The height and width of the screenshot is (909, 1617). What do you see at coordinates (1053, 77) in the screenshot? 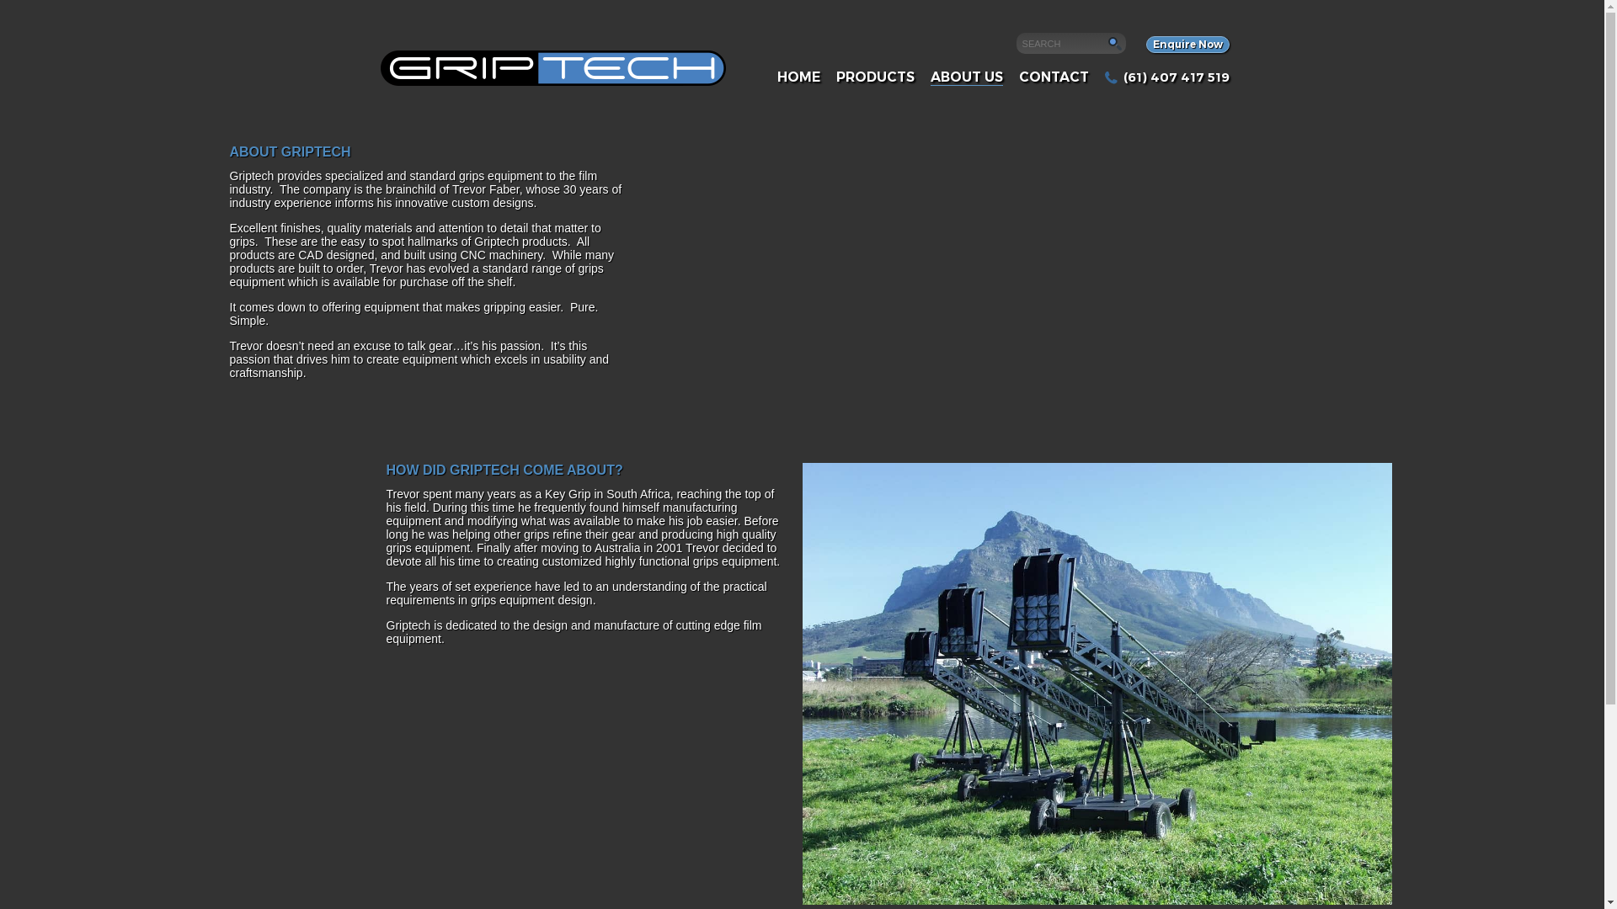
I see `'CONTACT'` at bounding box center [1053, 77].